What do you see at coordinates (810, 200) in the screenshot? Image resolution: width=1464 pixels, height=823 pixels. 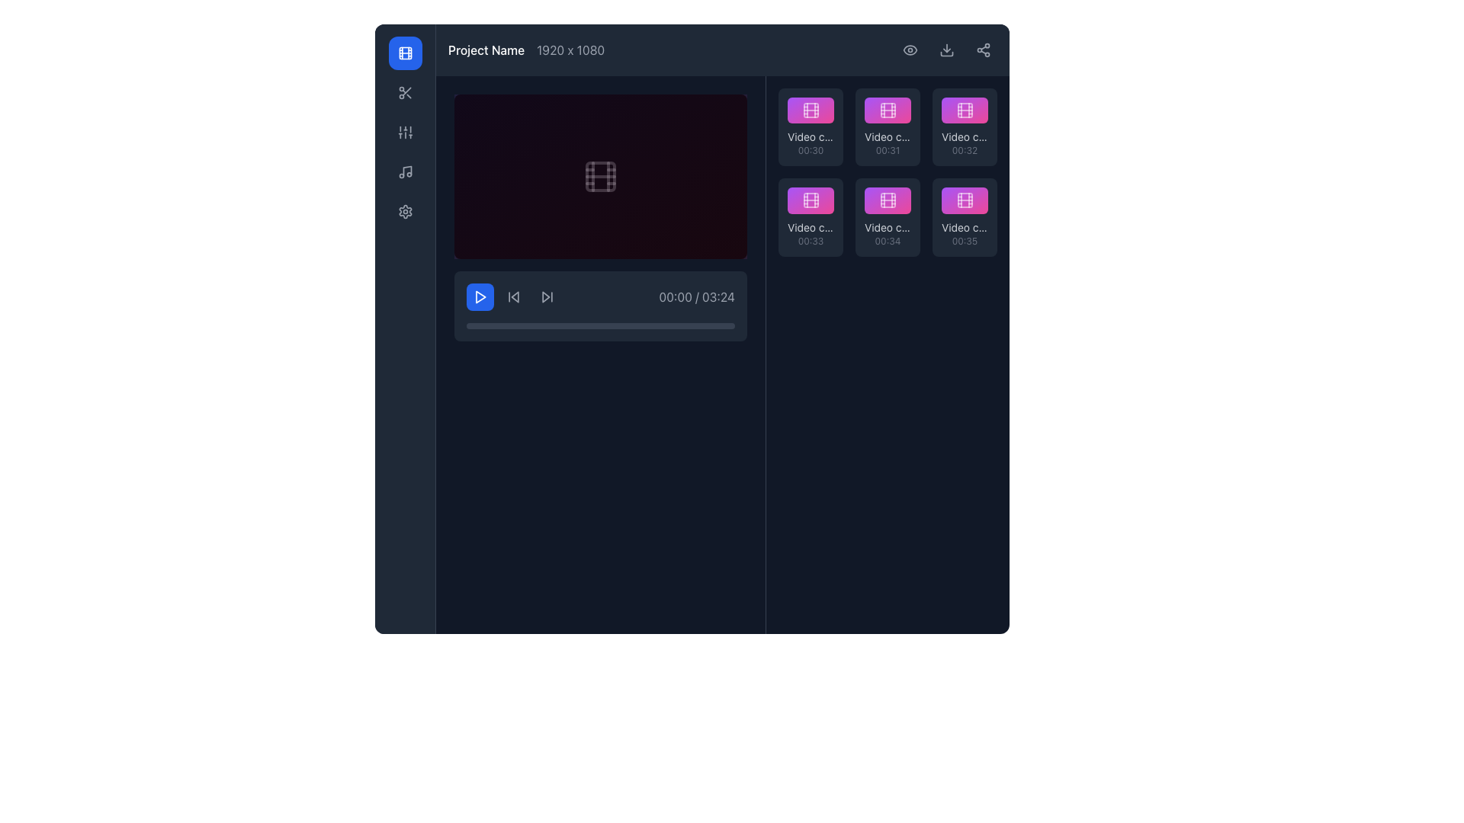 I see `the video thumbnail icon located in the grid of preview components on the right side of the interface` at bounding box center [810, 200].